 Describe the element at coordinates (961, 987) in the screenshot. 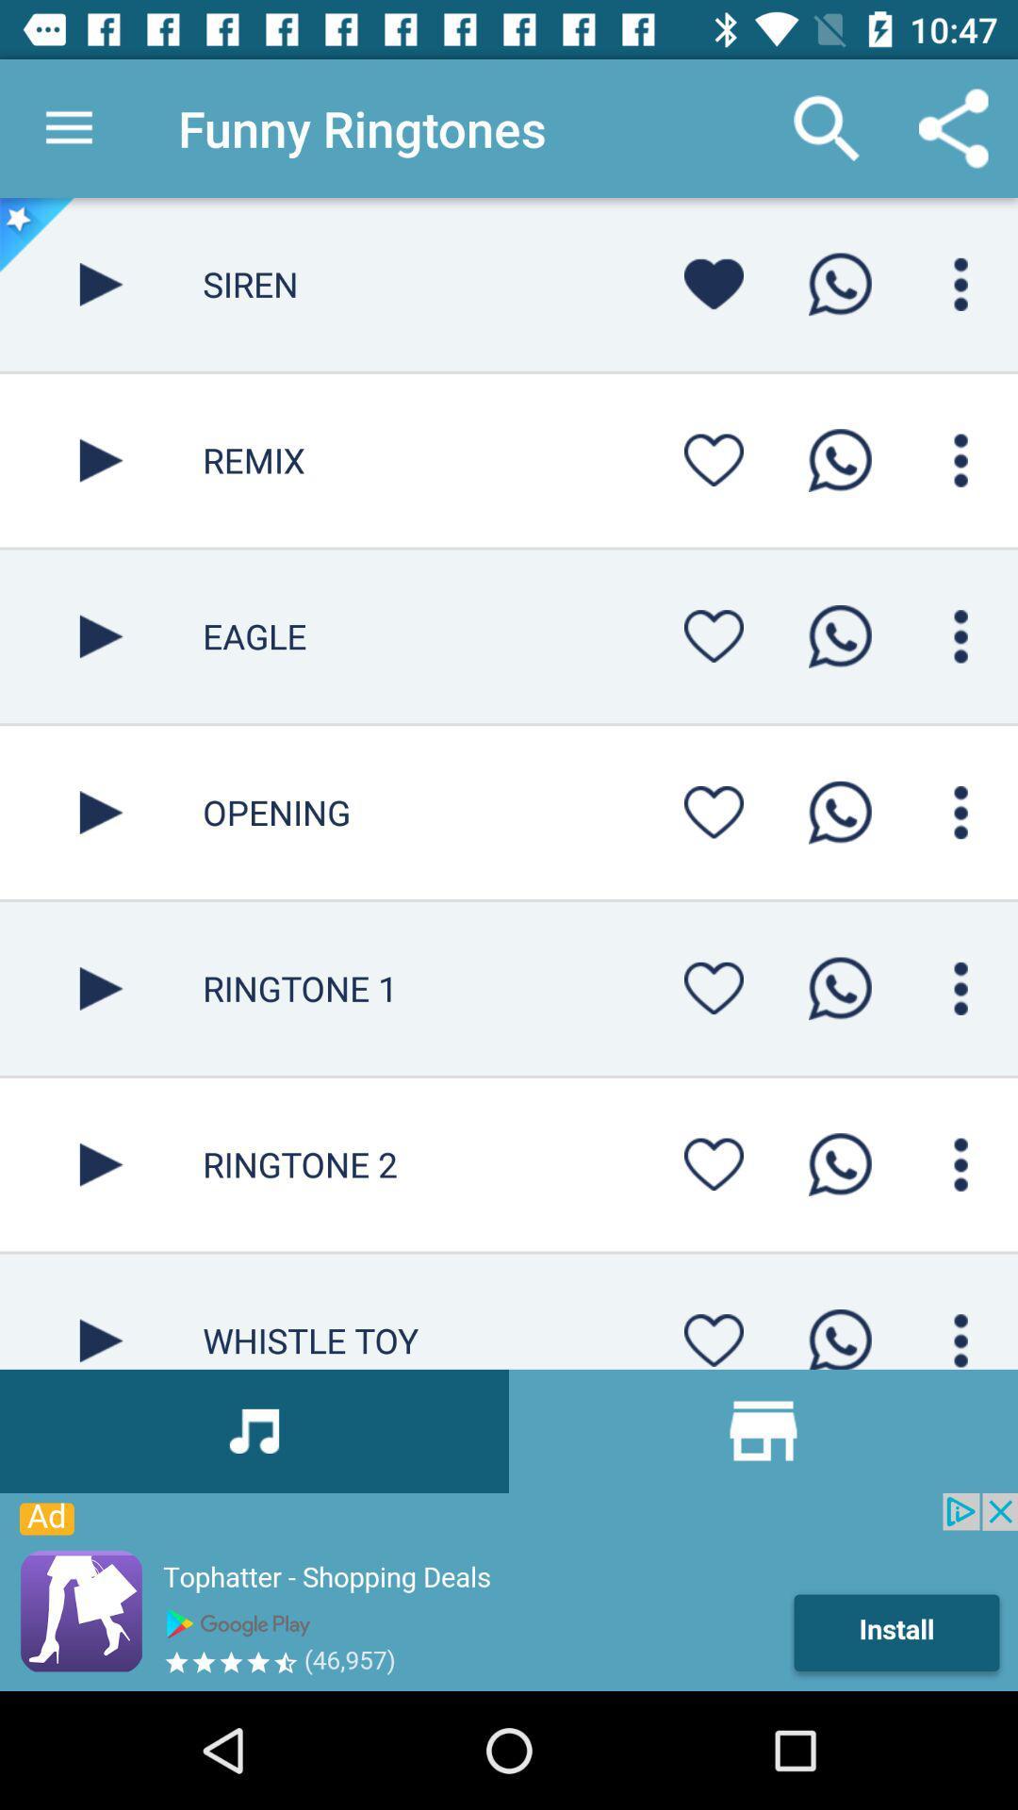

I see `more options` at that location.